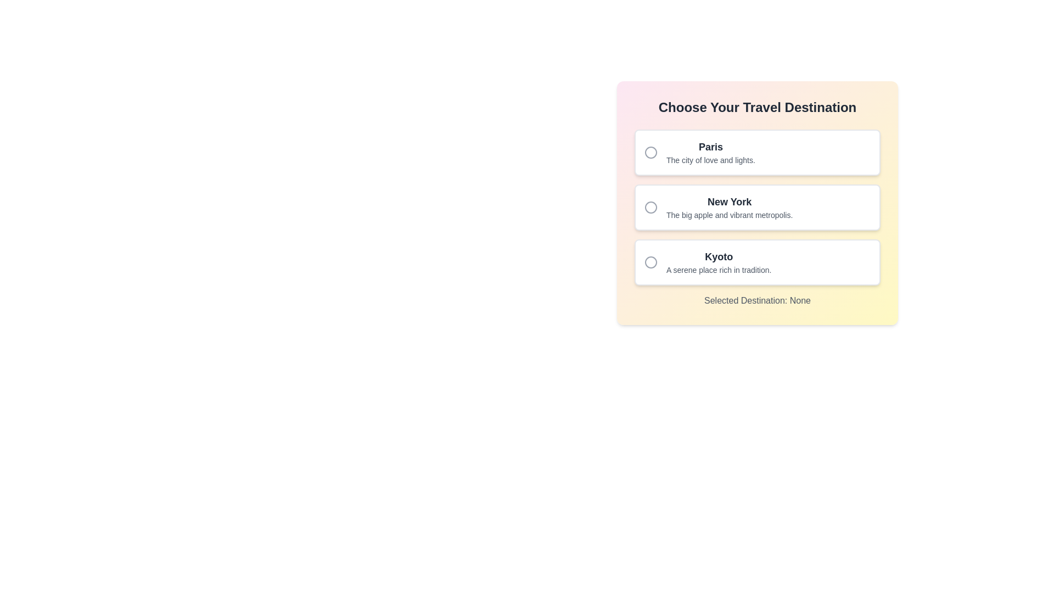  What do you see at coordinates (651, 262) in the screenshot?
I see `the circular graphical element of the radio button located to the left of the text 'Kyoto' in the third option of the vertical list of travel destinations` at bounding box center [651, 262].